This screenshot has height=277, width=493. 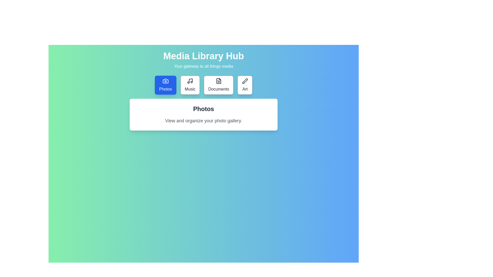 I want to click on the Documents tab to view its content, so click(x=219, y=85).